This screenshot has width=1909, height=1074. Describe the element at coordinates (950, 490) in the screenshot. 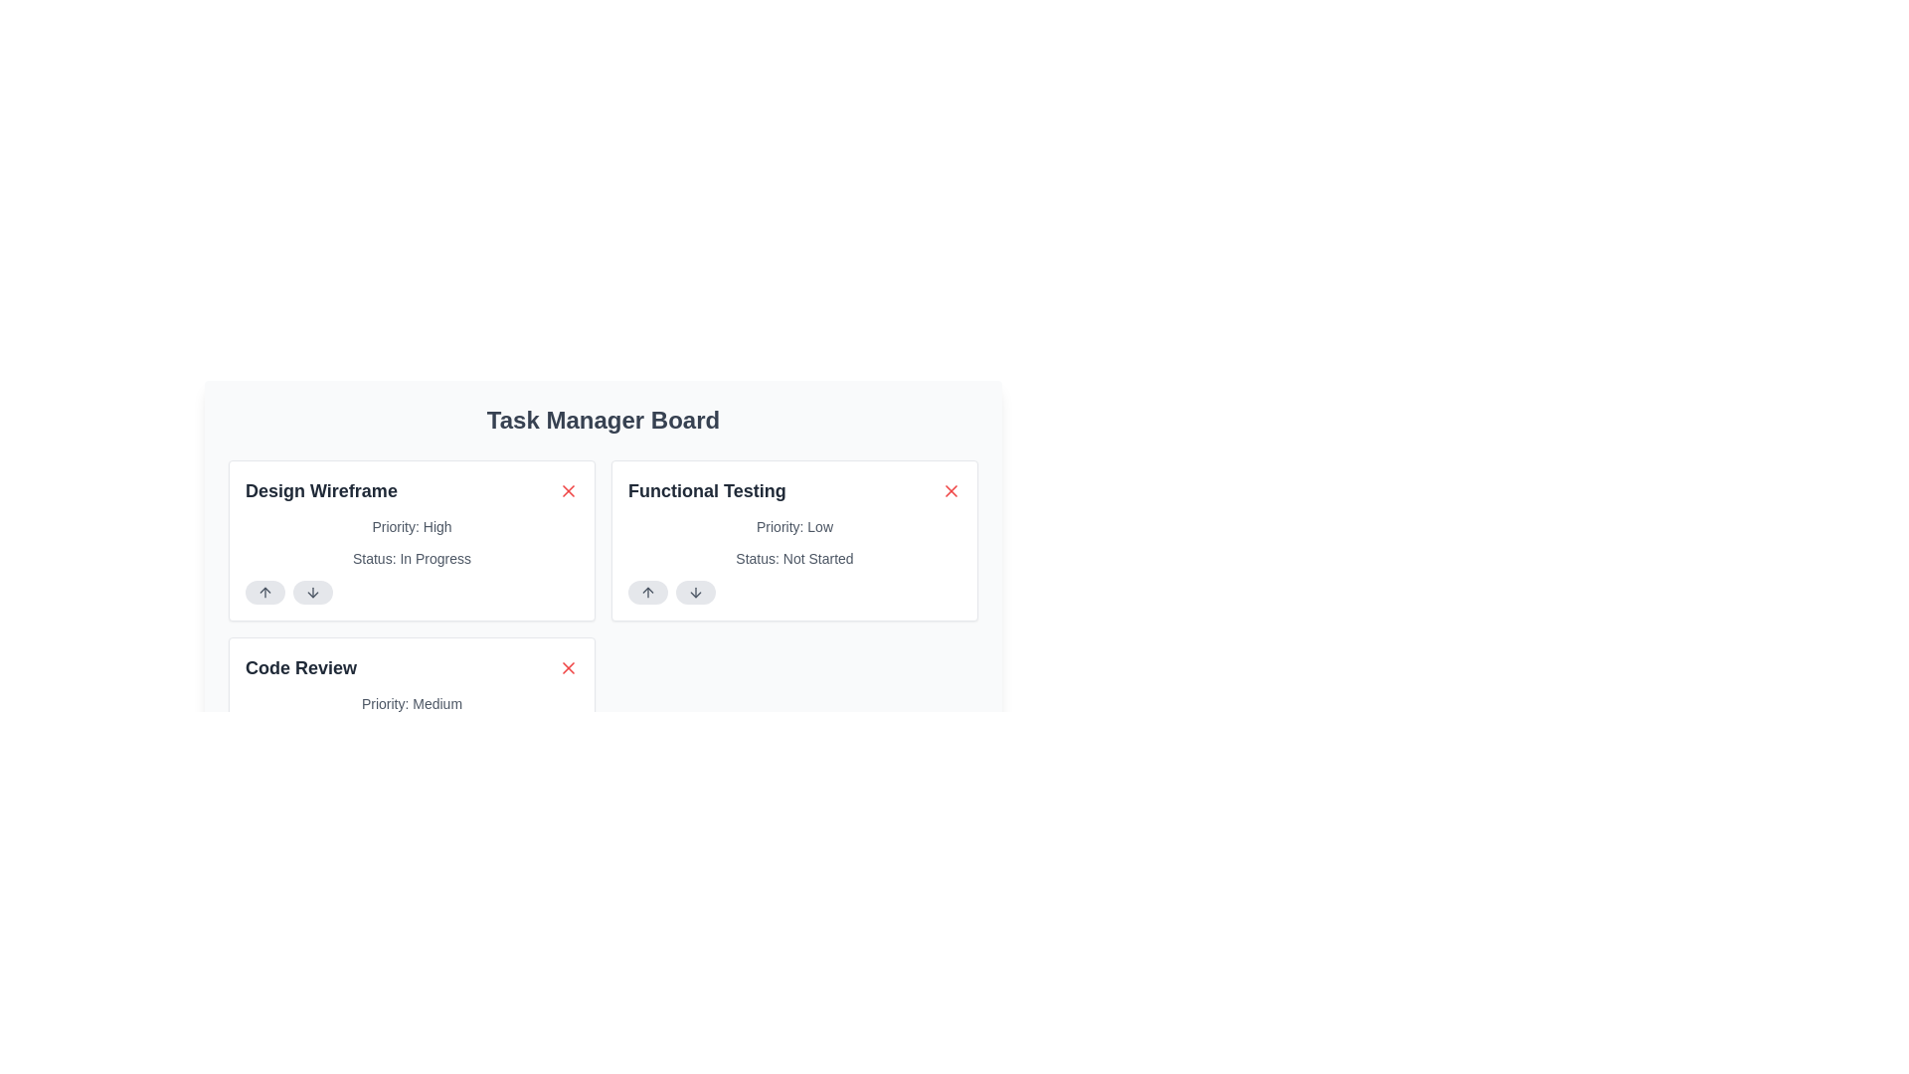

I see `the close or delete button located in the top-right corner of the 'Functional Testing' task card` at that location.